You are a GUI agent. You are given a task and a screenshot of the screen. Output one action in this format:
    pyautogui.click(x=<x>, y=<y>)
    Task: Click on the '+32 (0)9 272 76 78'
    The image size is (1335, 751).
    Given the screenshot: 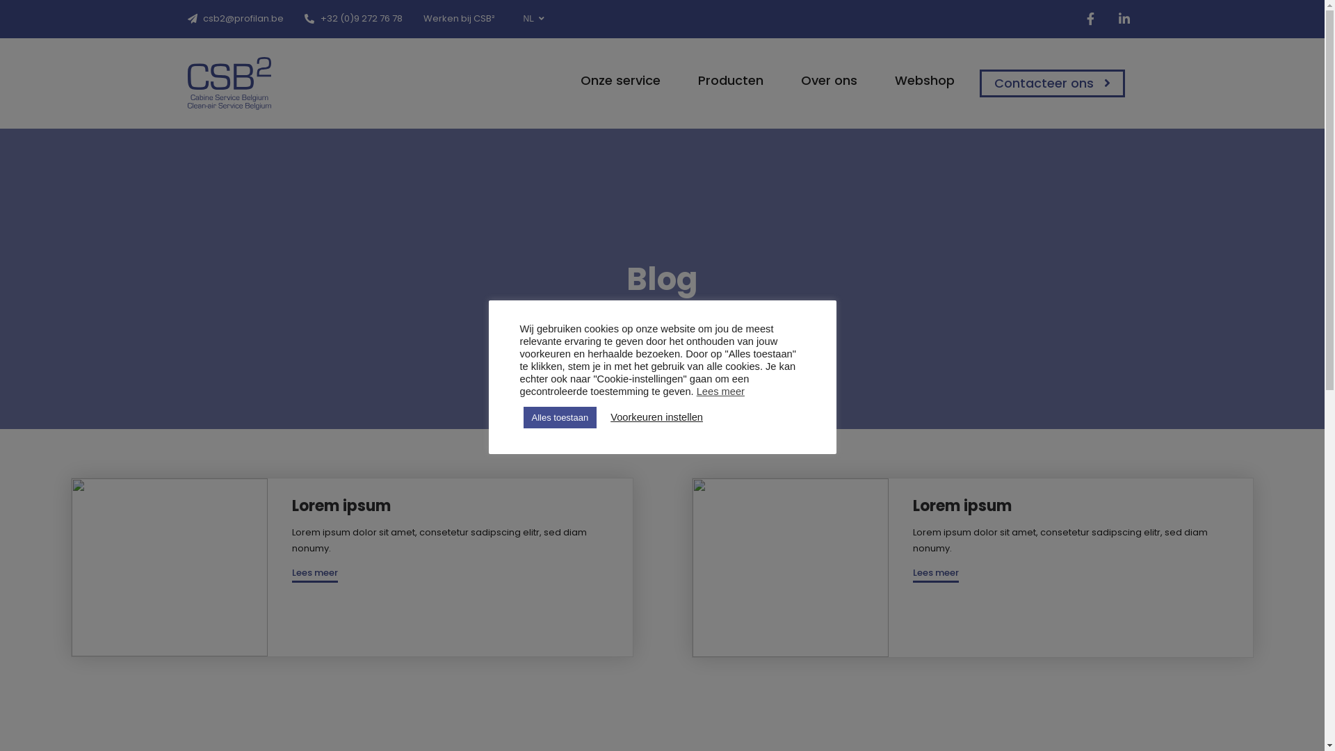 What is the action you would take?
    pyautogui.click(x=353, y=18)
    